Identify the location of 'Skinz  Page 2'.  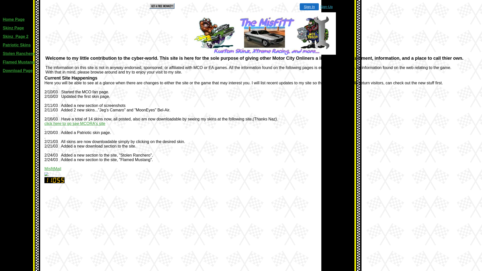
(16, 36).